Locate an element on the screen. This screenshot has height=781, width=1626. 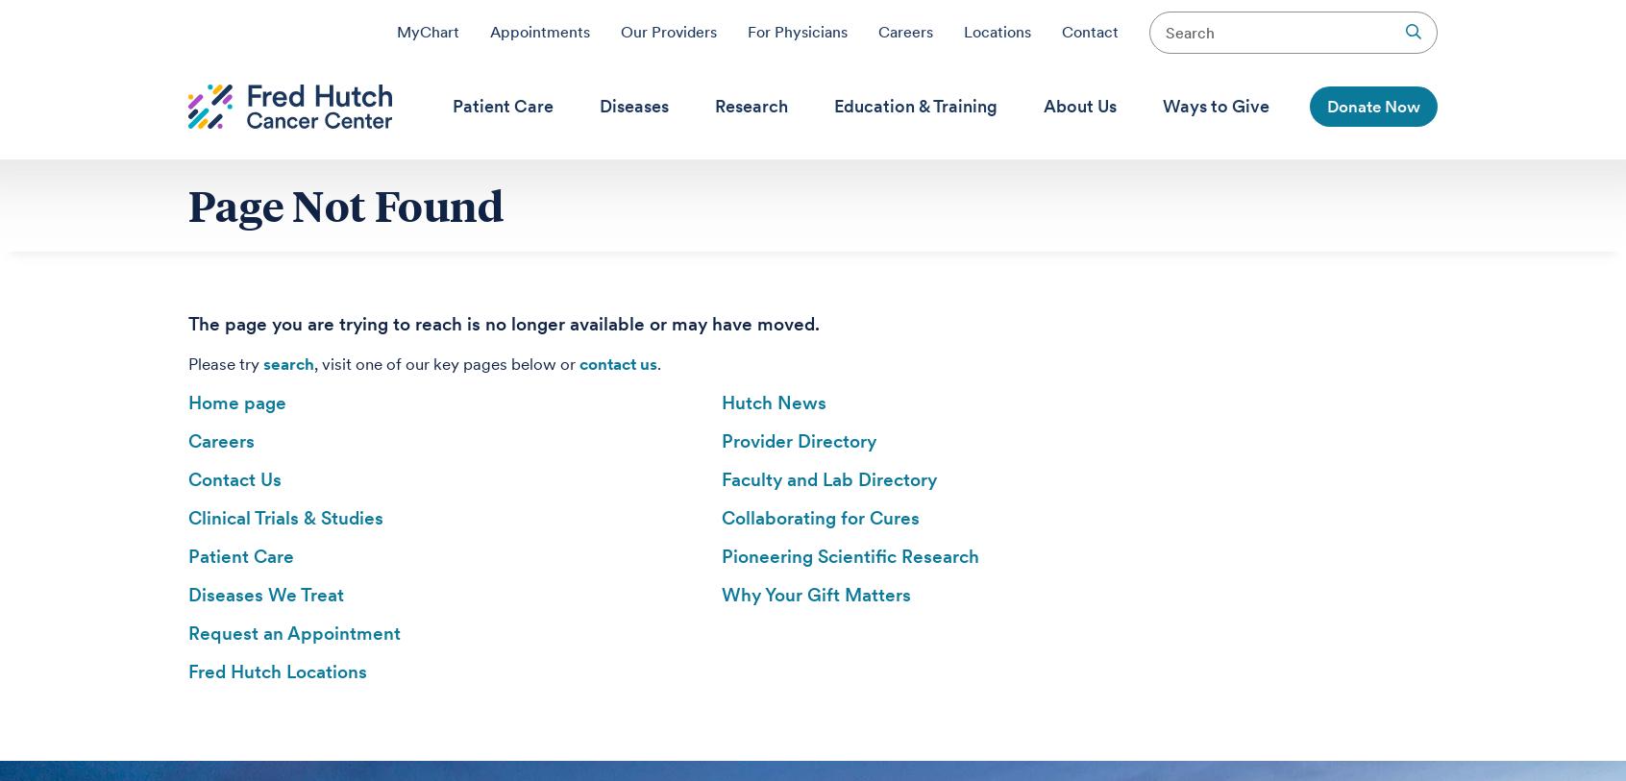
'.' is located at coordinates (658, 363).